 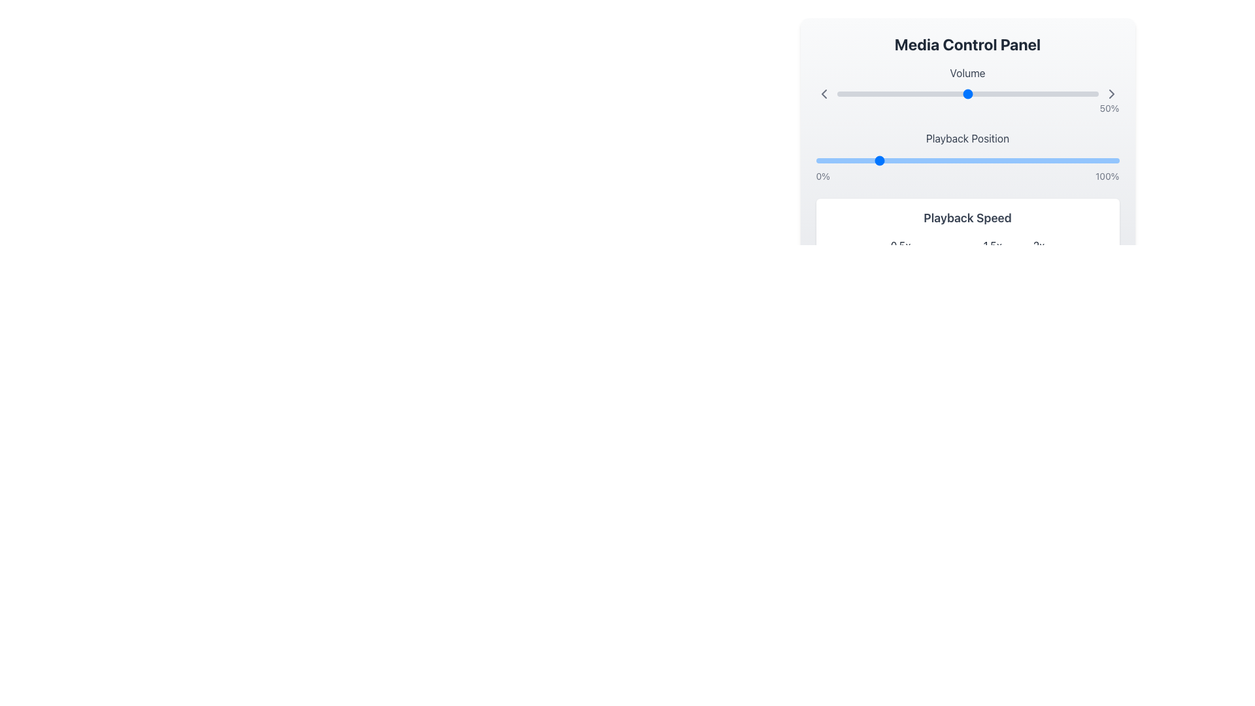 What do you see at coordinates (1113, 160) in the screenshot?
I see `the playback position` at bounding box center [1113, 160].